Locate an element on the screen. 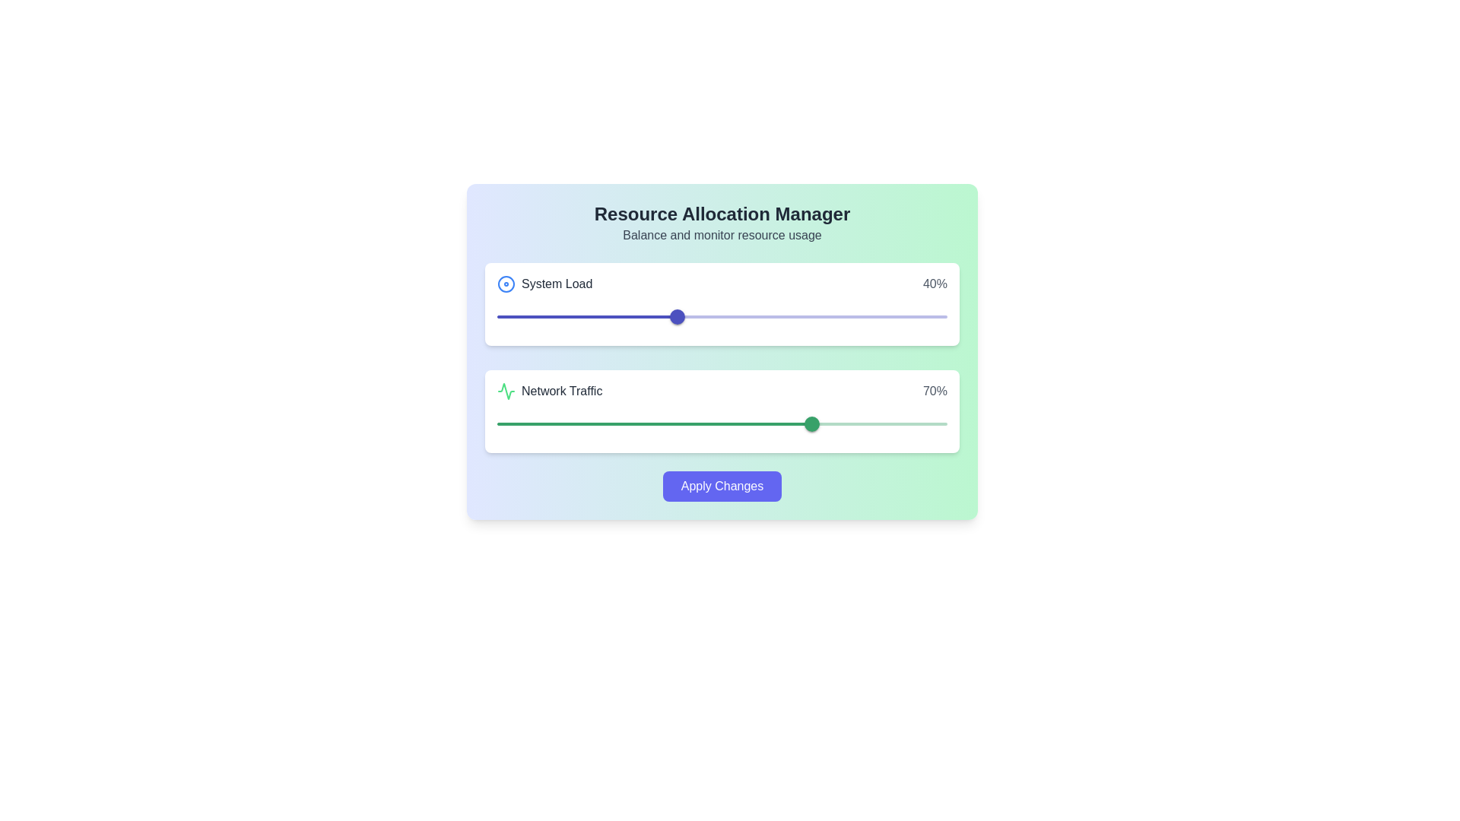 The width and height of the screenshot is (1460, 821). the slider is located at coordinates (685, 424).